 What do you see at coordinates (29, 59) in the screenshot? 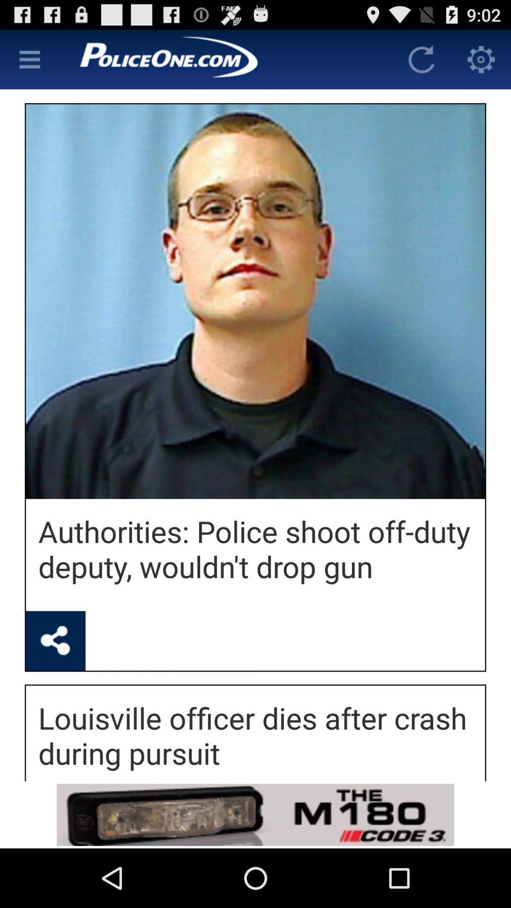
I see `settings` at bounding box center [29, 59].